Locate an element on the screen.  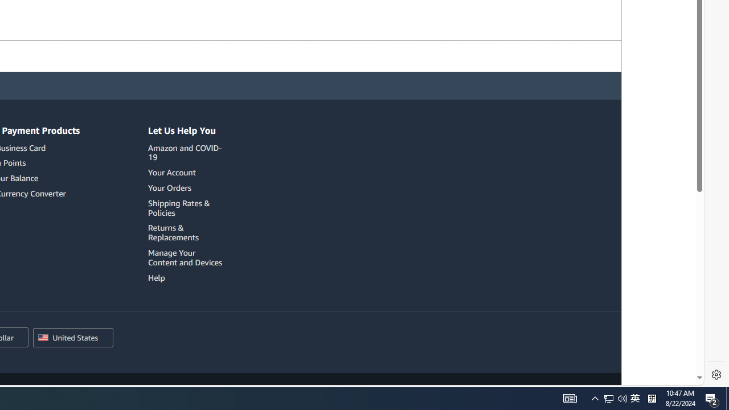
'Your Orders' is located at coordinates (169, 187).